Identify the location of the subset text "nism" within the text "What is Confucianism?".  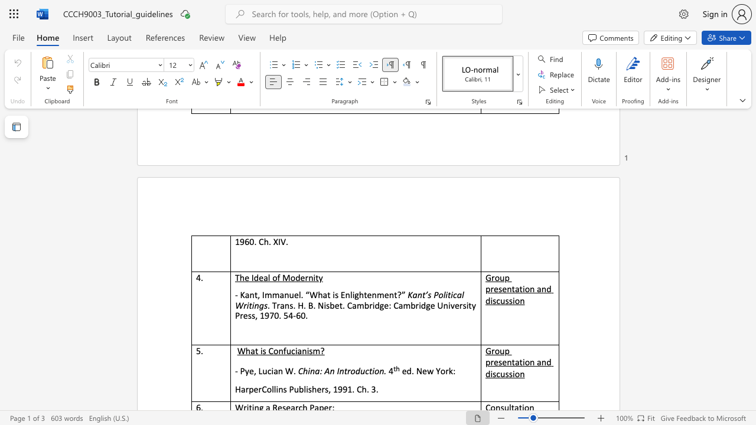
(302, 350).